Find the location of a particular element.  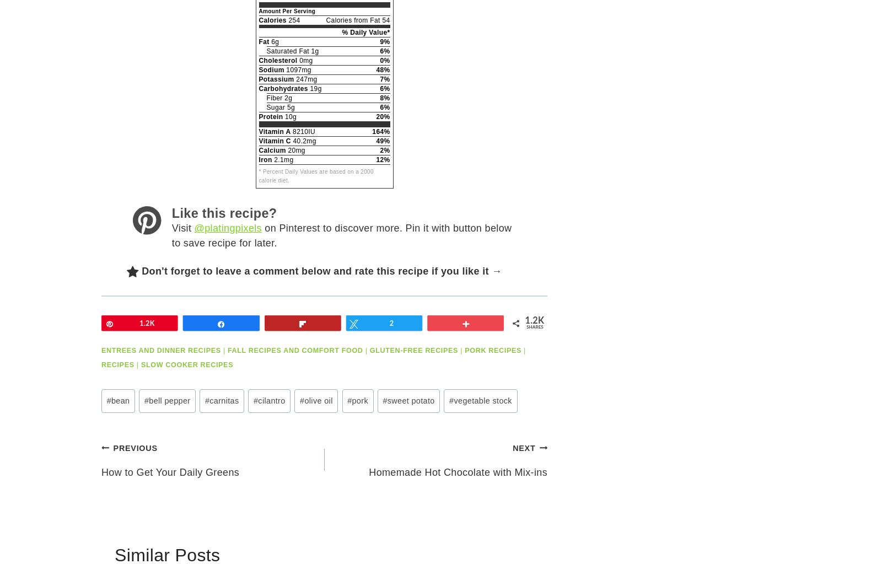

'49%' is located at coordinates (376, 141).